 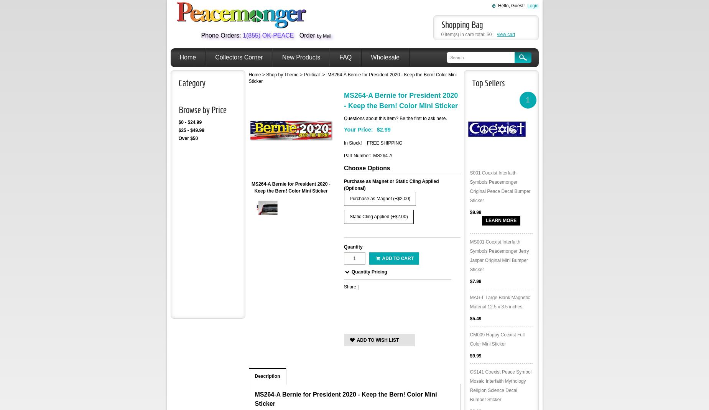 What do you see at coordinates (366, 143) in the screenshot?
I see `'FREE SHIPPING'` at bounding box center [366, 143].